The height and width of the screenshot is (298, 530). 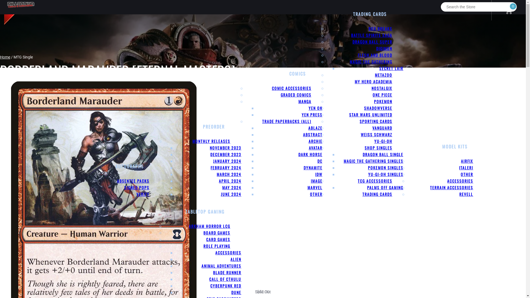 What do you see at coordinates (213, 161) in the screenshot?
I see `'JANUARY 2024'` at bounding box center [213, 161].